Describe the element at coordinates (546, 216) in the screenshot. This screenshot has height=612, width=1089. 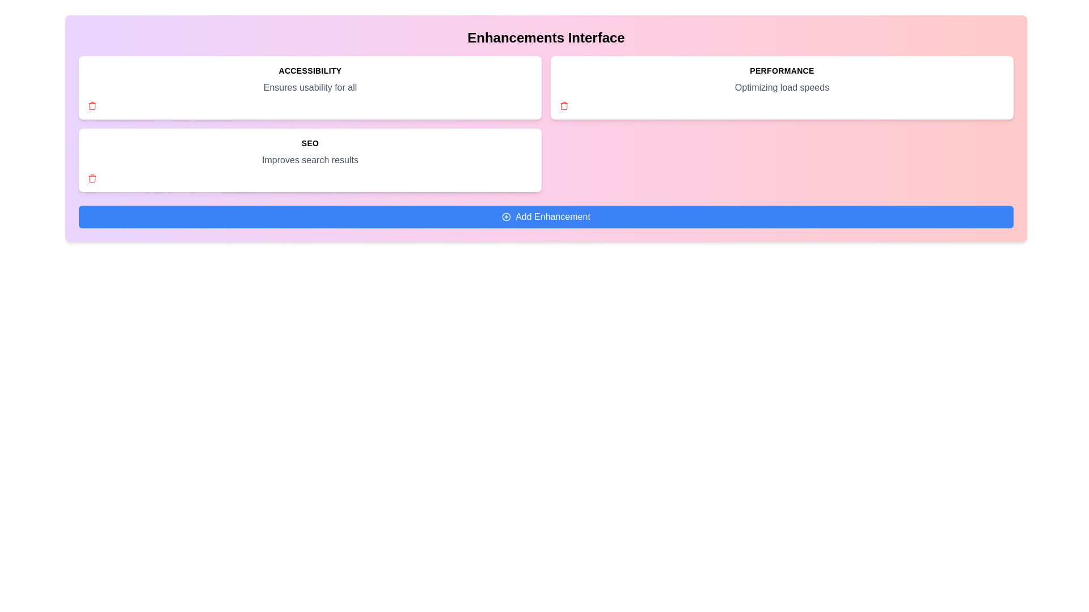
I see `the 'Add Enhancement' button to add a new tag` at that location.